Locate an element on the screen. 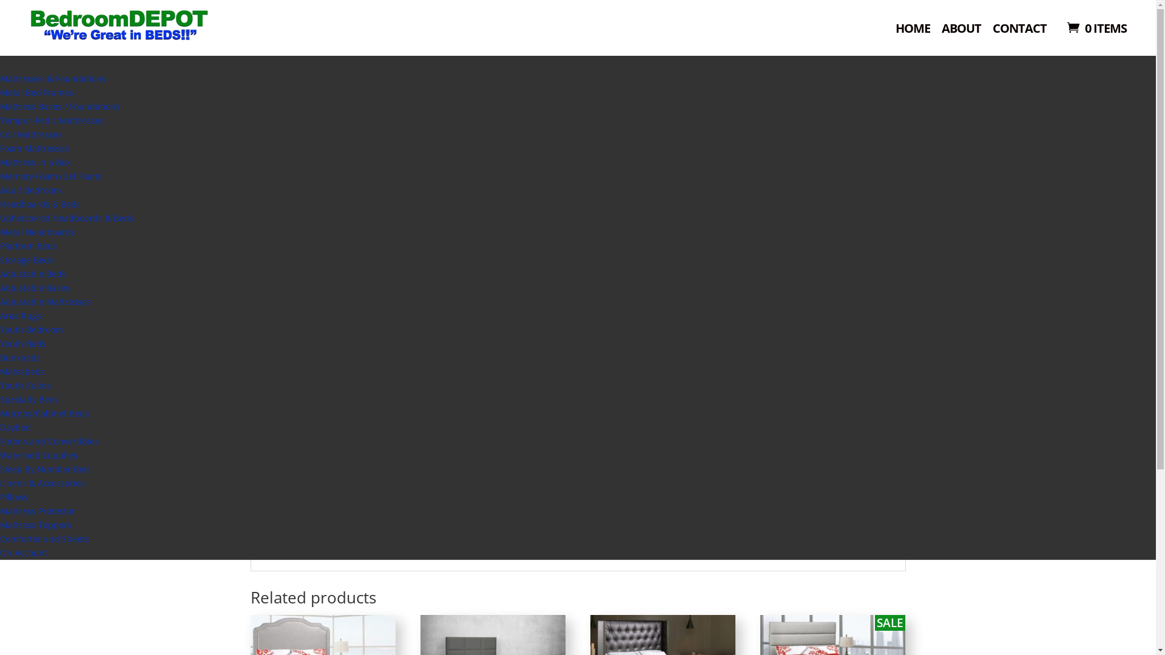 This screenshot has width=1165, height=655. 'Adjustable Bases' is located at coordinates (35, 287).